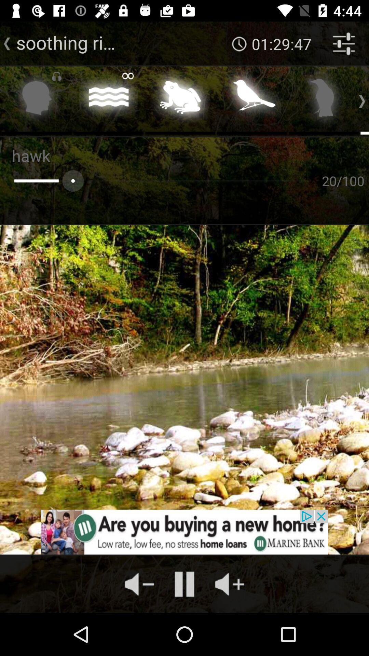  Describe the element at coordinates (229, 584) in the screenshot. I see `the volume icon` at that location.